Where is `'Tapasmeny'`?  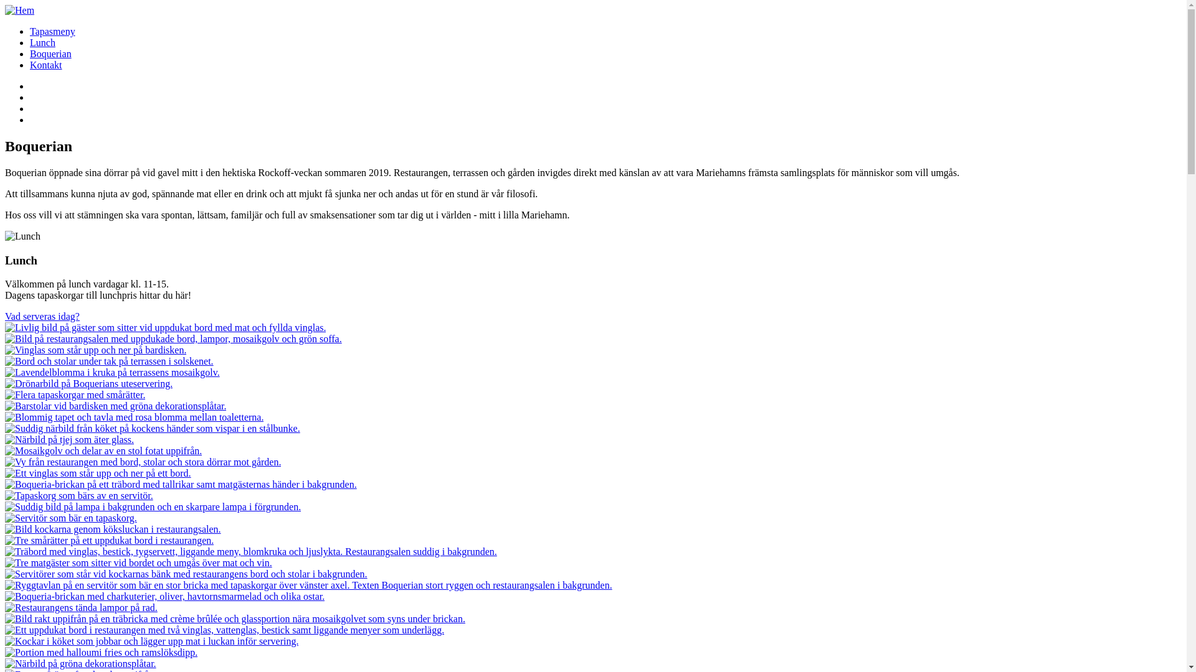 'Tapasmeny' is located at coordinates (52, 30).